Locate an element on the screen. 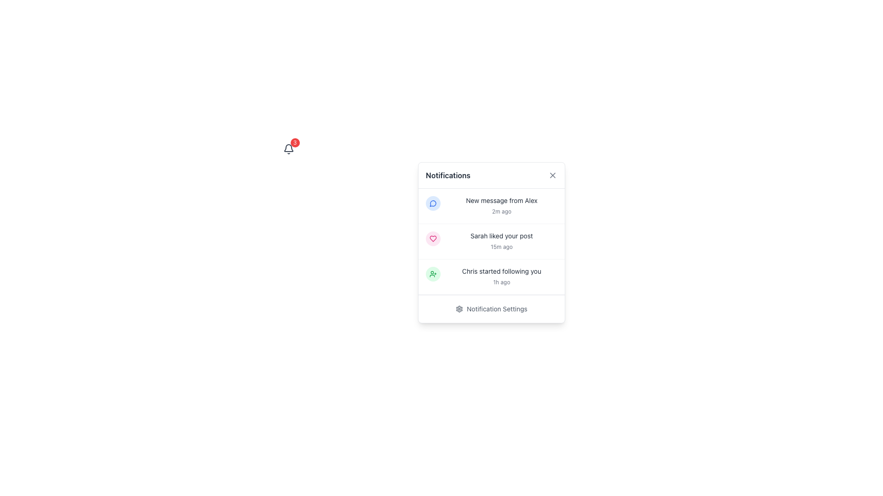  the green-themed action button icon in the notifications menu is located at coordinates (432, 274).